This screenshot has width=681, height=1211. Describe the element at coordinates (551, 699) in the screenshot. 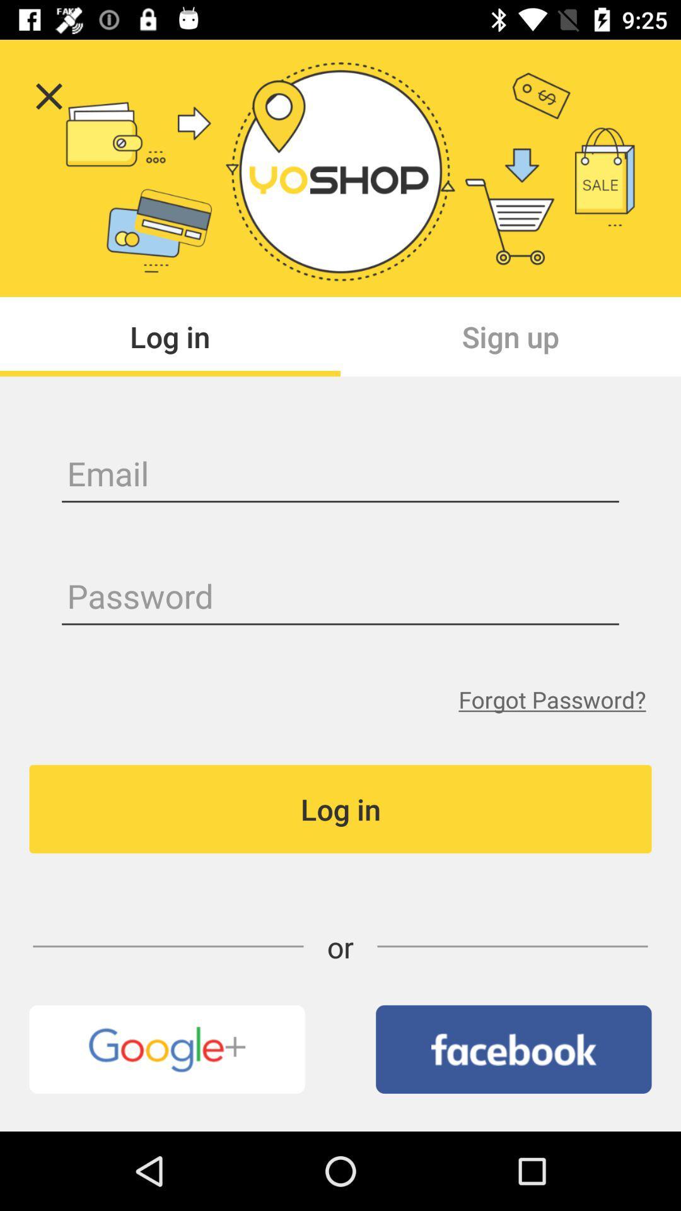

I see `forgot password?` at that location.